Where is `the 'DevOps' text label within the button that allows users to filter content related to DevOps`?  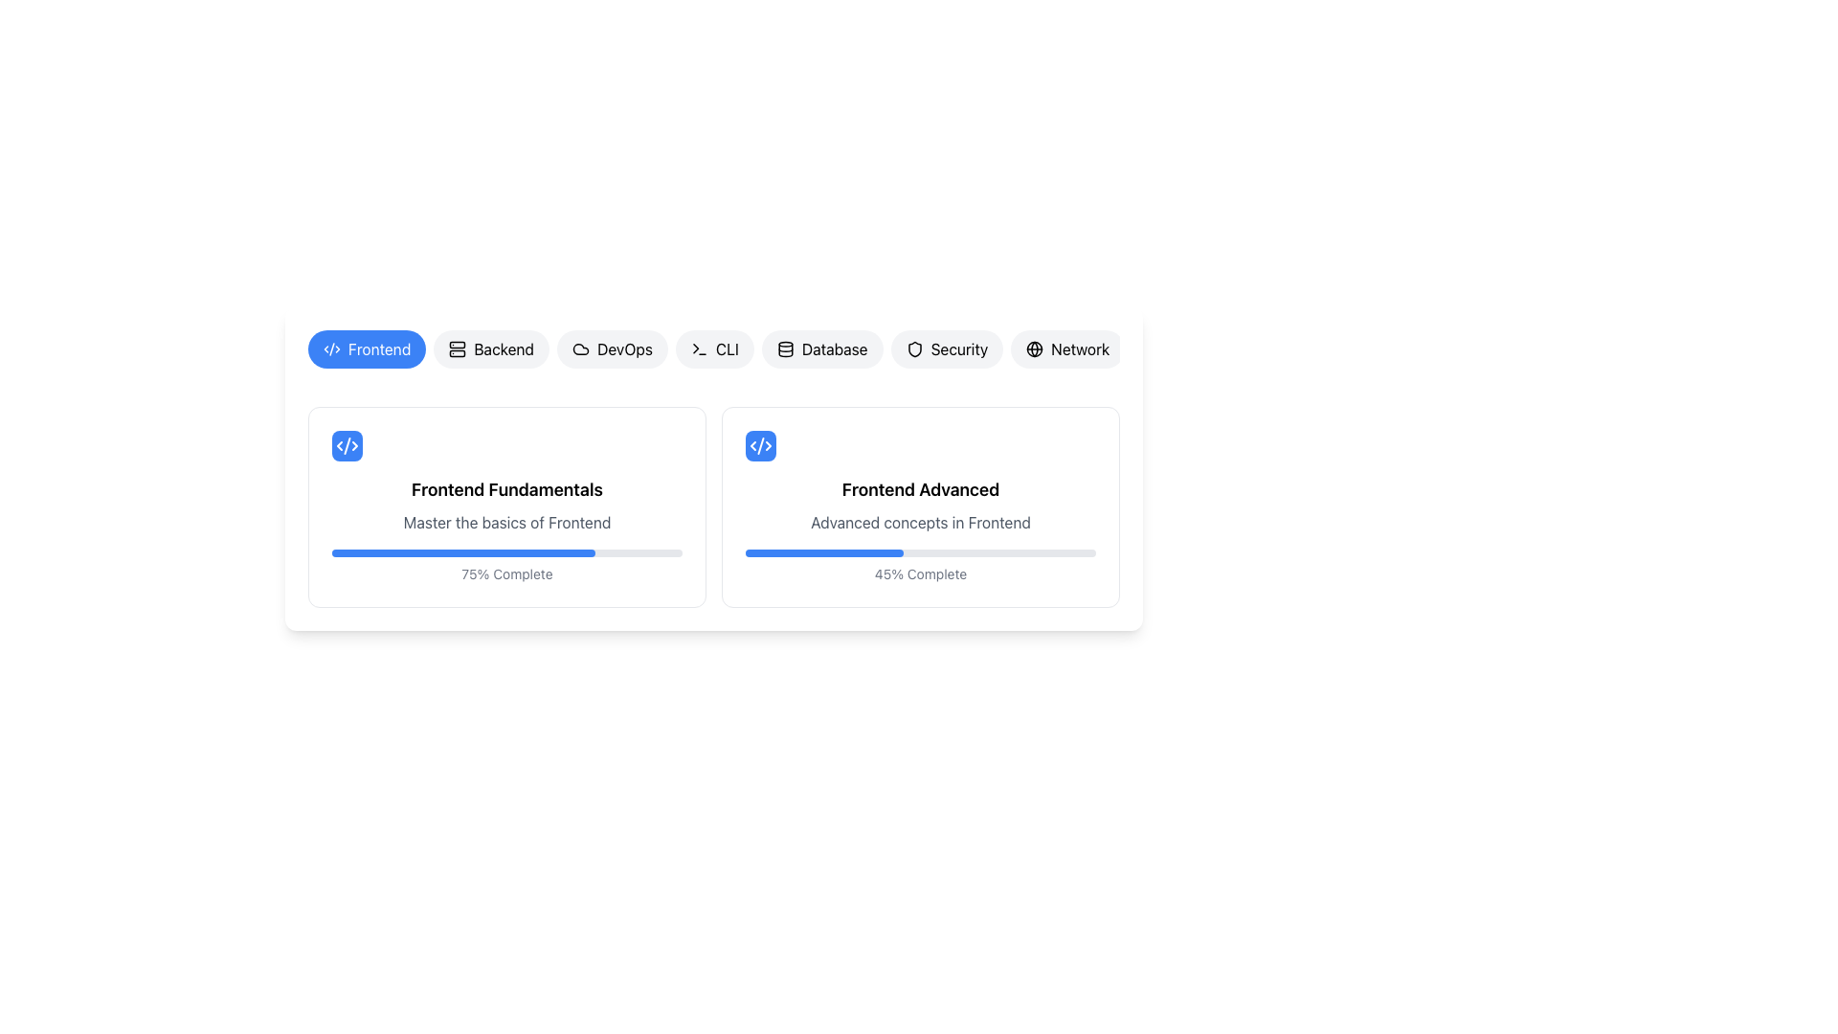 the 'DevOps' text label within the button that allows users to filter content related to DevOps is located at coordinates (624, 349).